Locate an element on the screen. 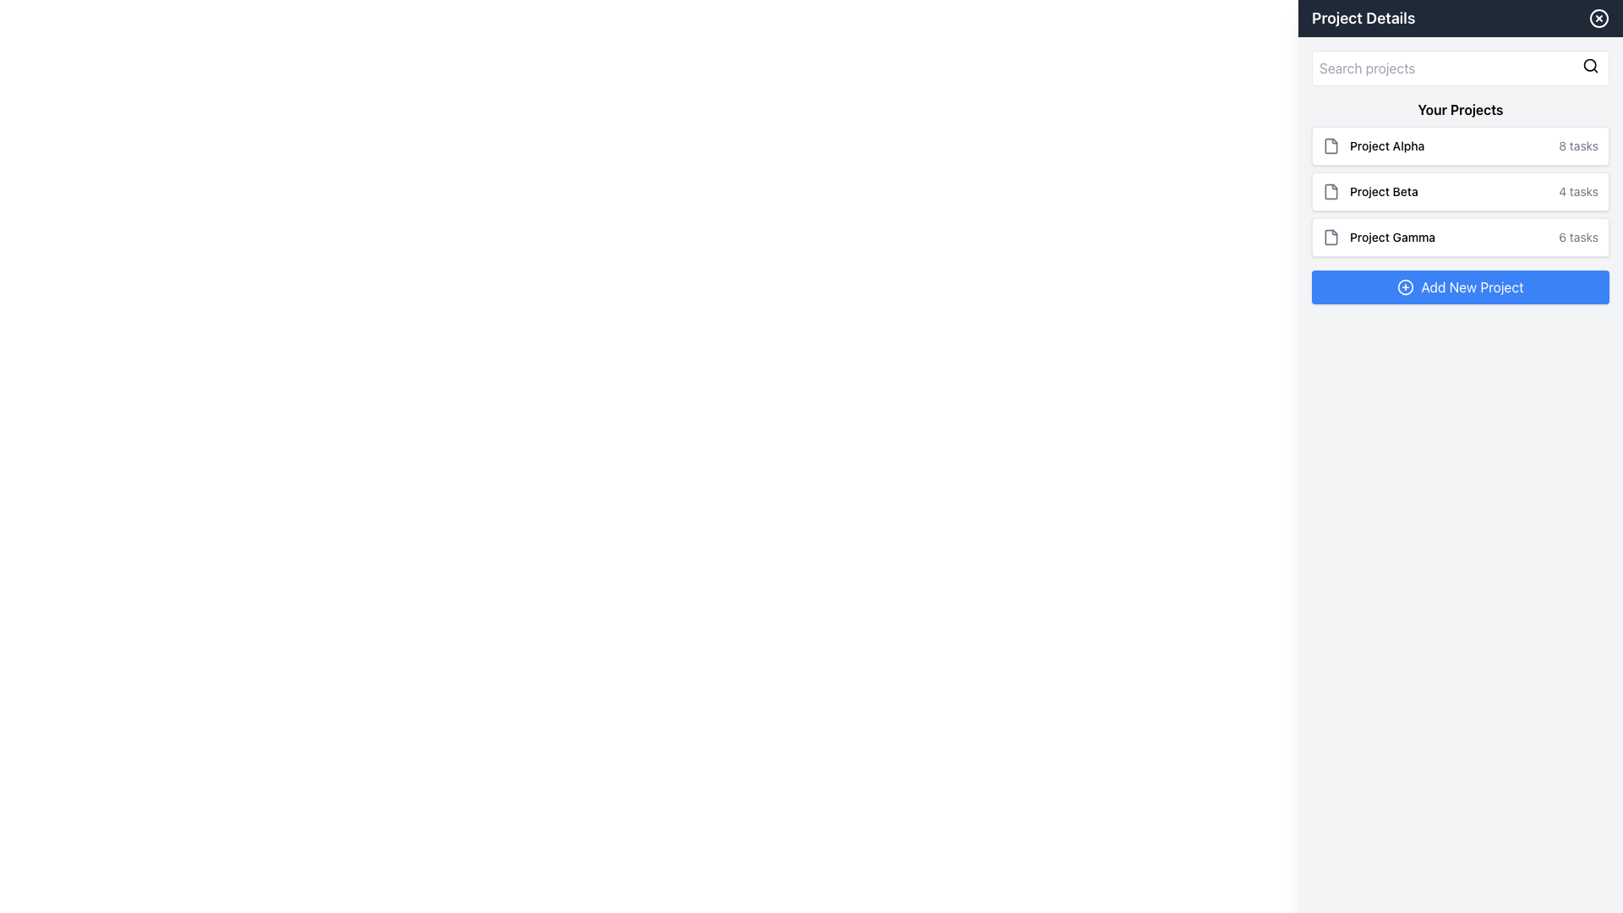 The height and width of the screenshot is (913, 1623). the file icon represented by the vector graphic element associated with 'Project Gamma' in the sidebar under 'Your Projects' is located at coordinates (1330, 238).